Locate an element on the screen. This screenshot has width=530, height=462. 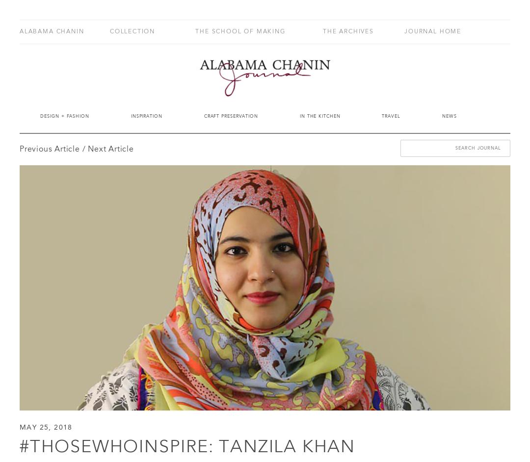
'#THOSEWHOINSPIRE: TANZILA KHAN' is located at coordinates (187, 447).